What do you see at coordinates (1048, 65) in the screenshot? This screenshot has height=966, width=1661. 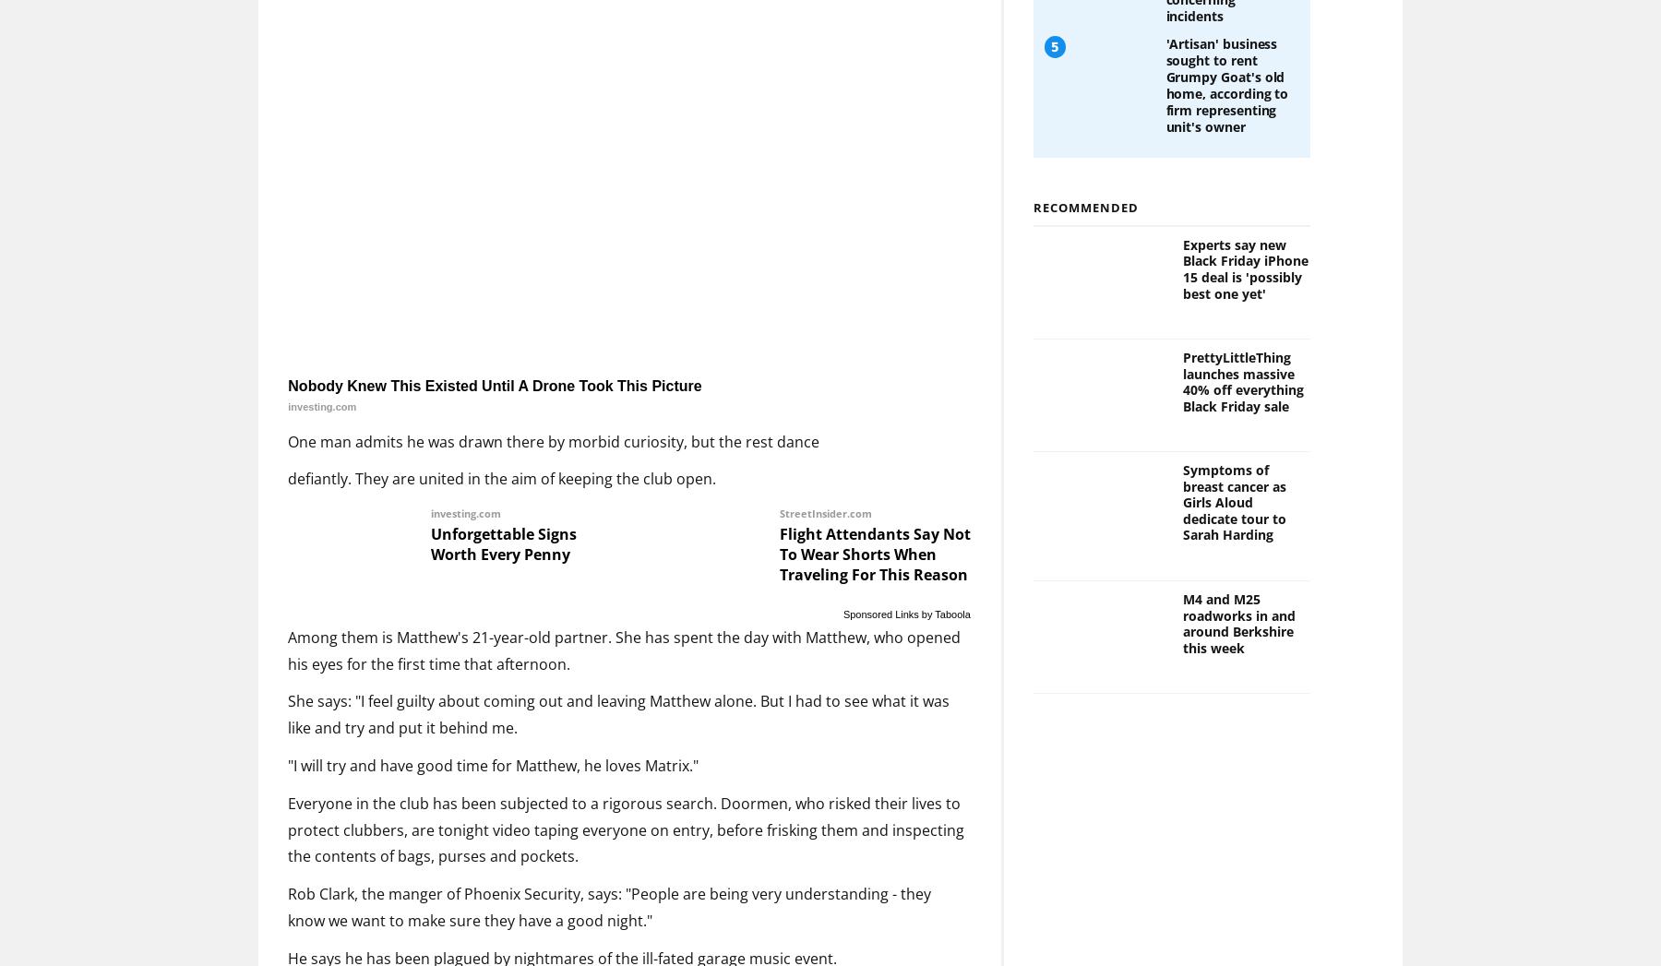 I see `'4'` at bounding box center [1048, 65].